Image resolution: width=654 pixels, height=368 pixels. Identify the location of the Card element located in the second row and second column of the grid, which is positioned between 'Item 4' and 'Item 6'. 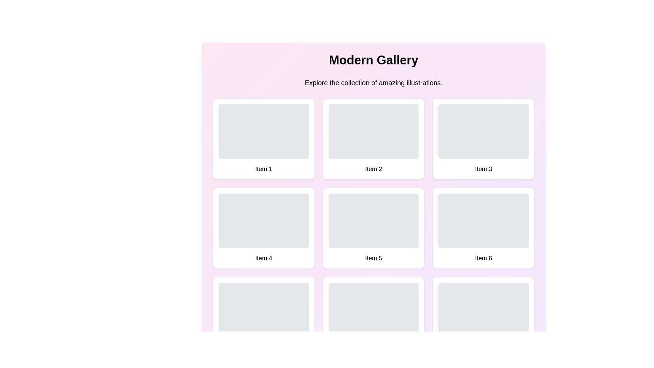
(373, 228).